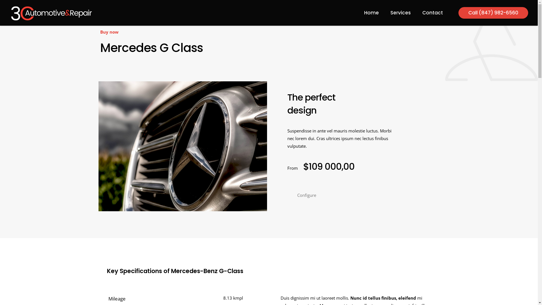 Image resolution: width=542 pixels, height=305 pixels. Describe the element at coordinates (432, 13) in the screenshot. I see `'Contact'` at that location.